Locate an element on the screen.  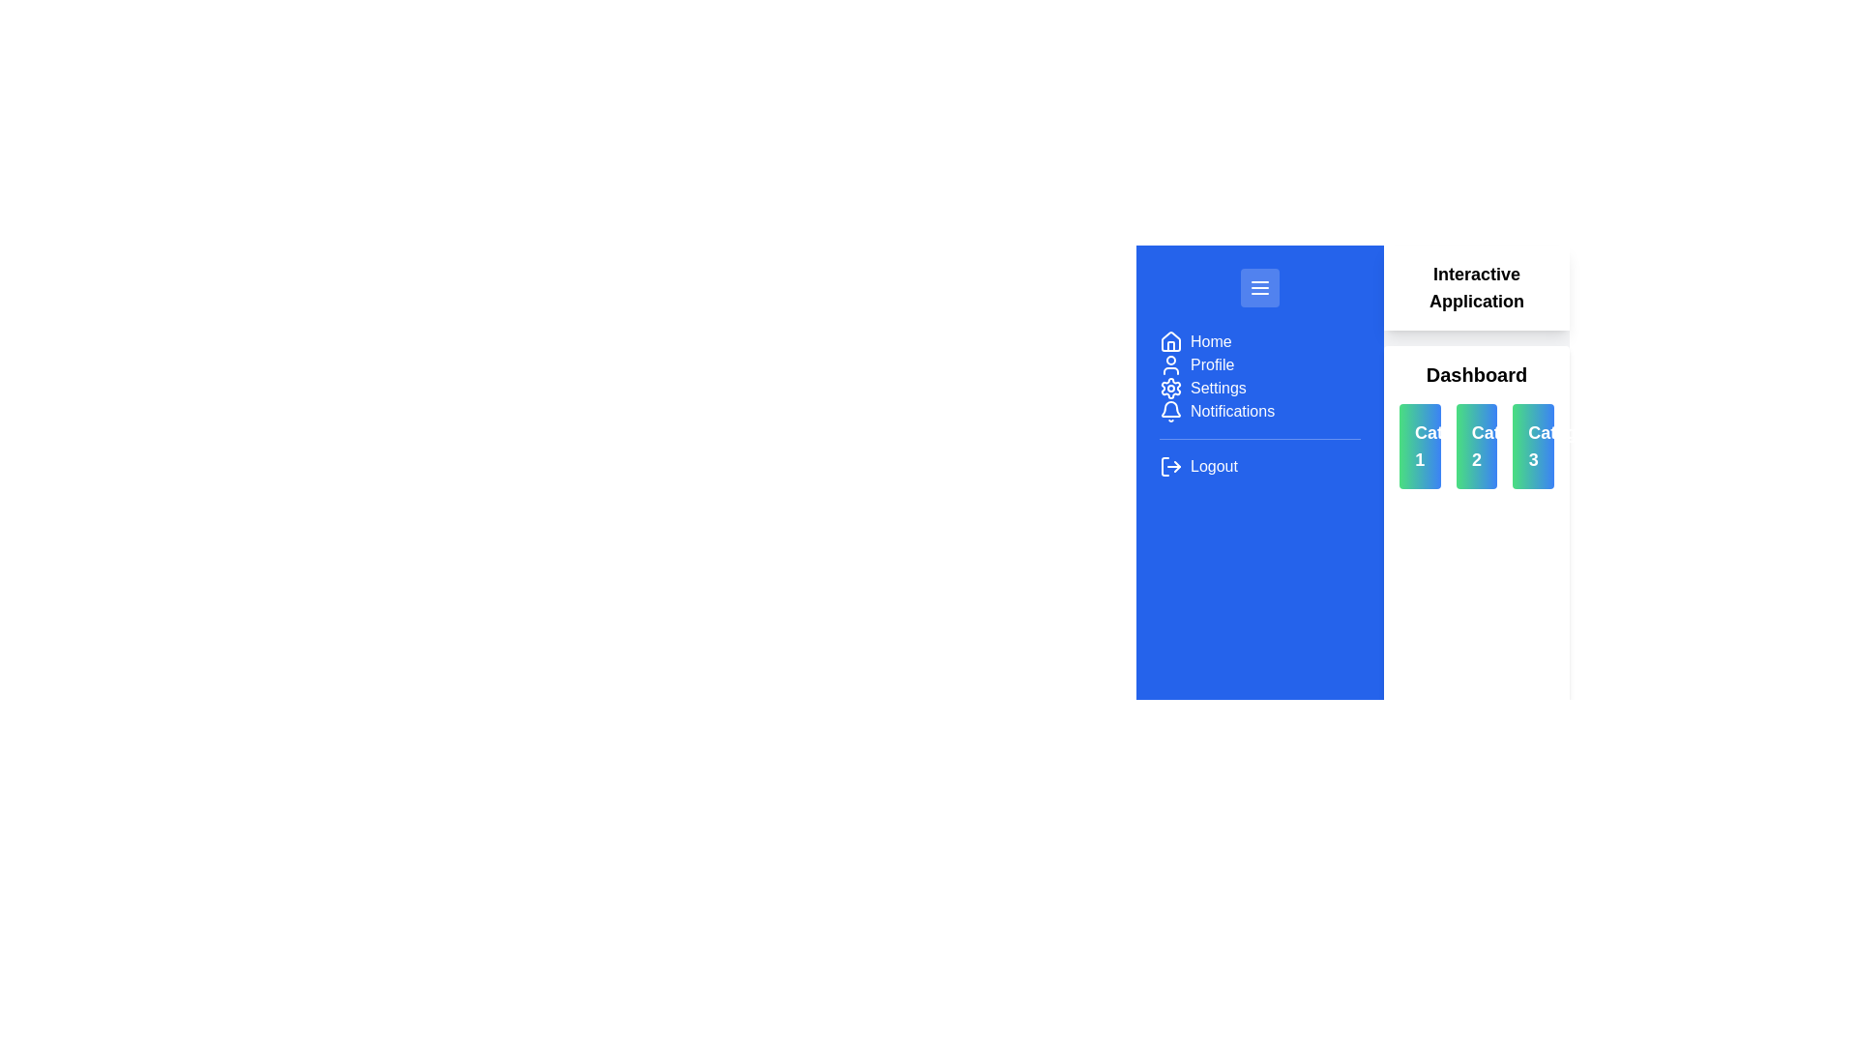
the 'Logout' icon in the sidebar menu, which is represented by the vertical segment of the icon box is located at coordinates (1164, 466).